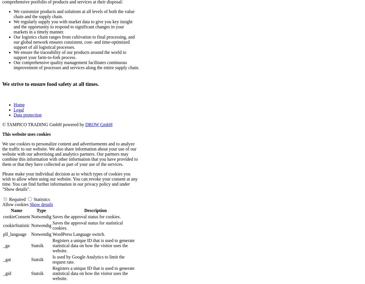 This screenshot has width=365, height=284. What do you see at coordinates (16, 199) in the screenshot?
I see `'Required'` at bounding box center [16, 199].